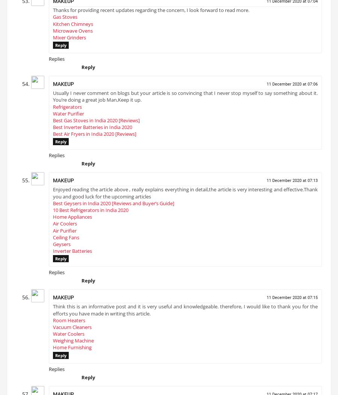 This screenshot has height=395, width=338. I want to click on 'Refrigerators', so click(67, 109).